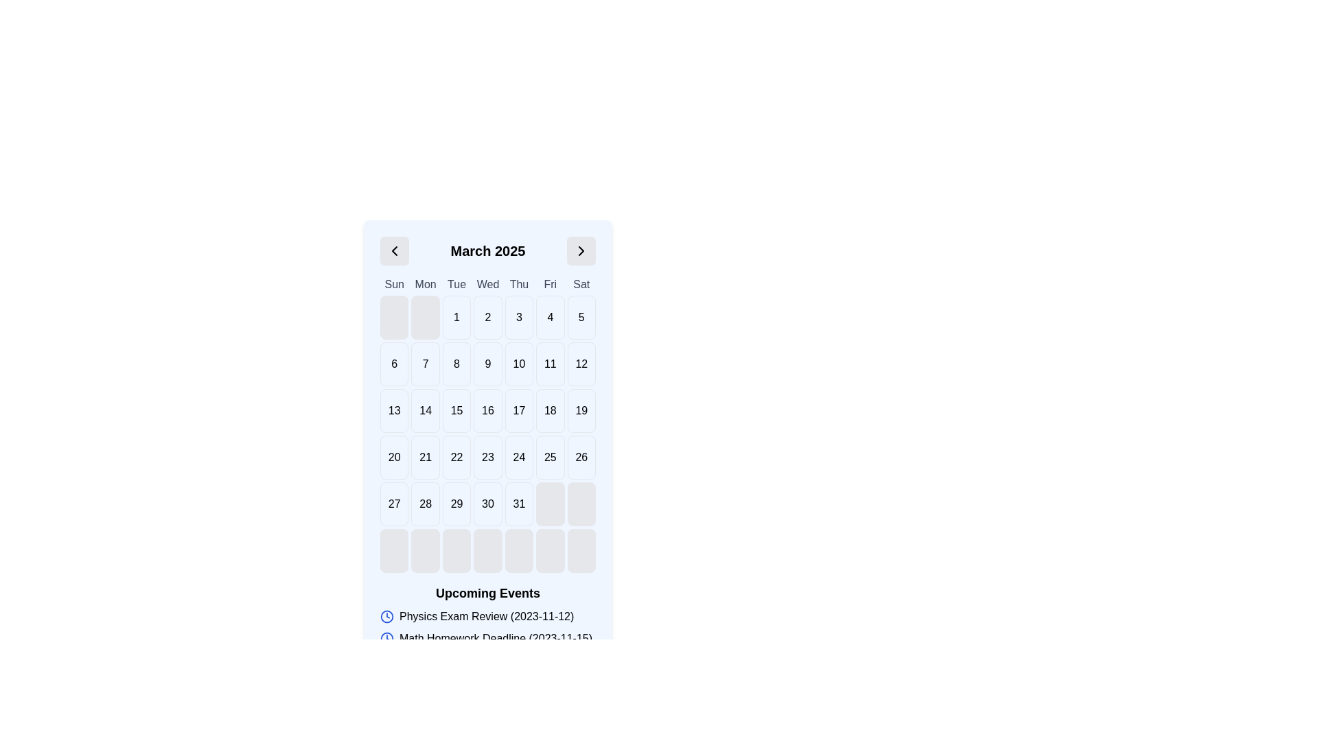  I want to click on the fourth cell in the last row of the calendar grid, which is a light-gray placeholder with rounded borders beneath the 'Thu' column aligned to the date '30', so click(456, 550).